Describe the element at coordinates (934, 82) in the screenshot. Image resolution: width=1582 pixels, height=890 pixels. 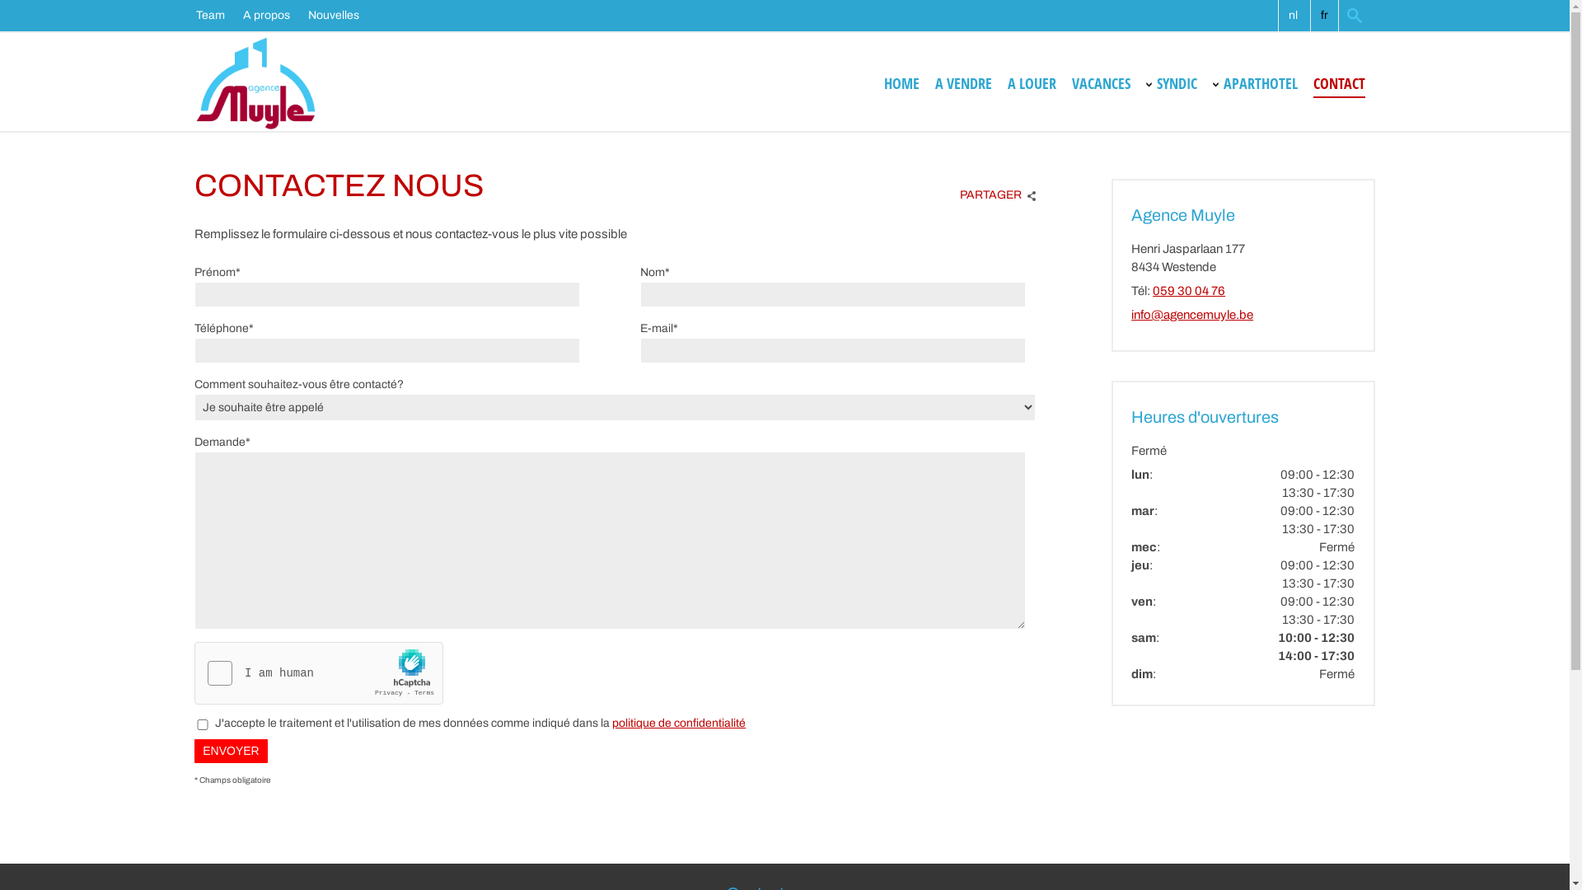
I see `'A VENDRE'` at that location.